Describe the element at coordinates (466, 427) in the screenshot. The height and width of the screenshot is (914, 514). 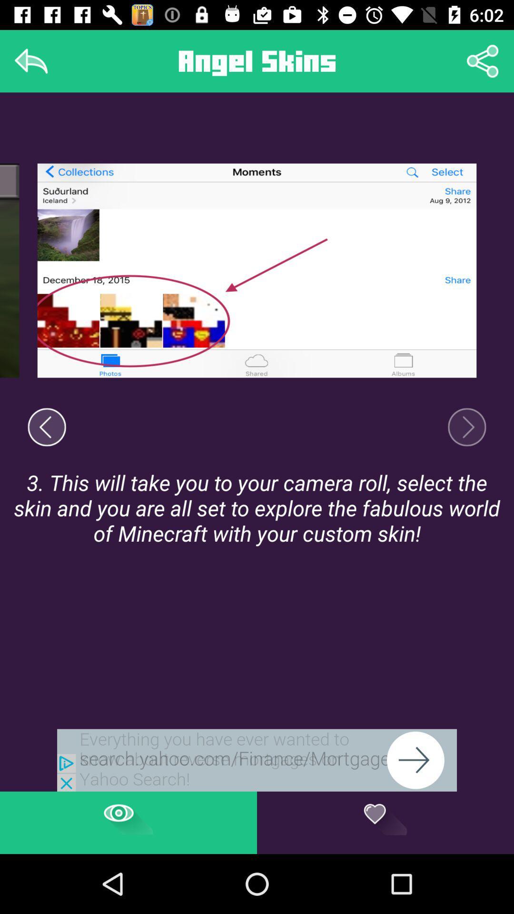
I see `the arrow_forward icon` at that location.